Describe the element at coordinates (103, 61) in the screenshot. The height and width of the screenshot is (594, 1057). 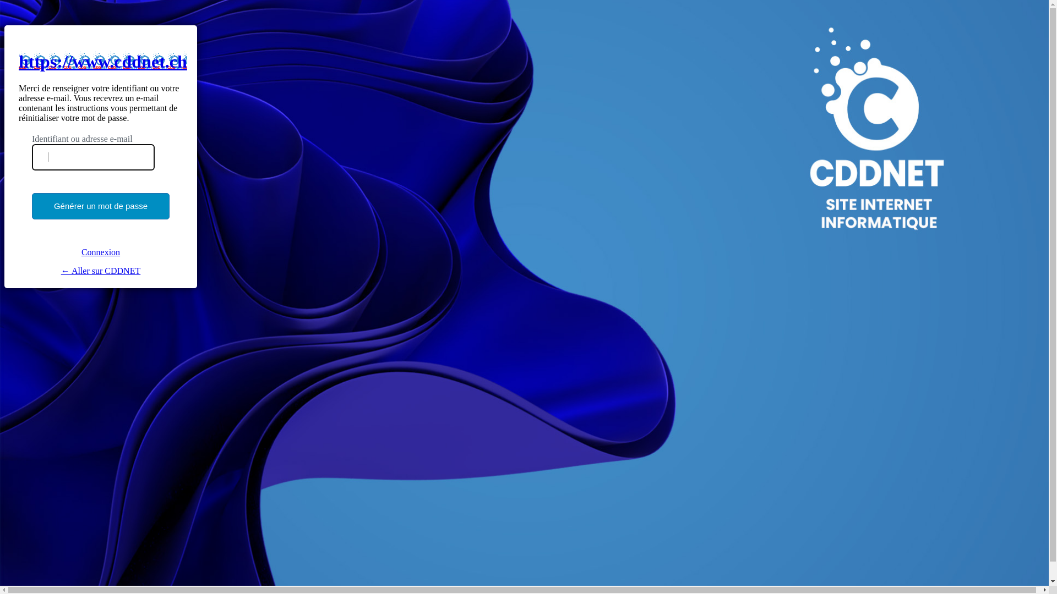
I see `'https://www.cddnet.ch'` at that location.